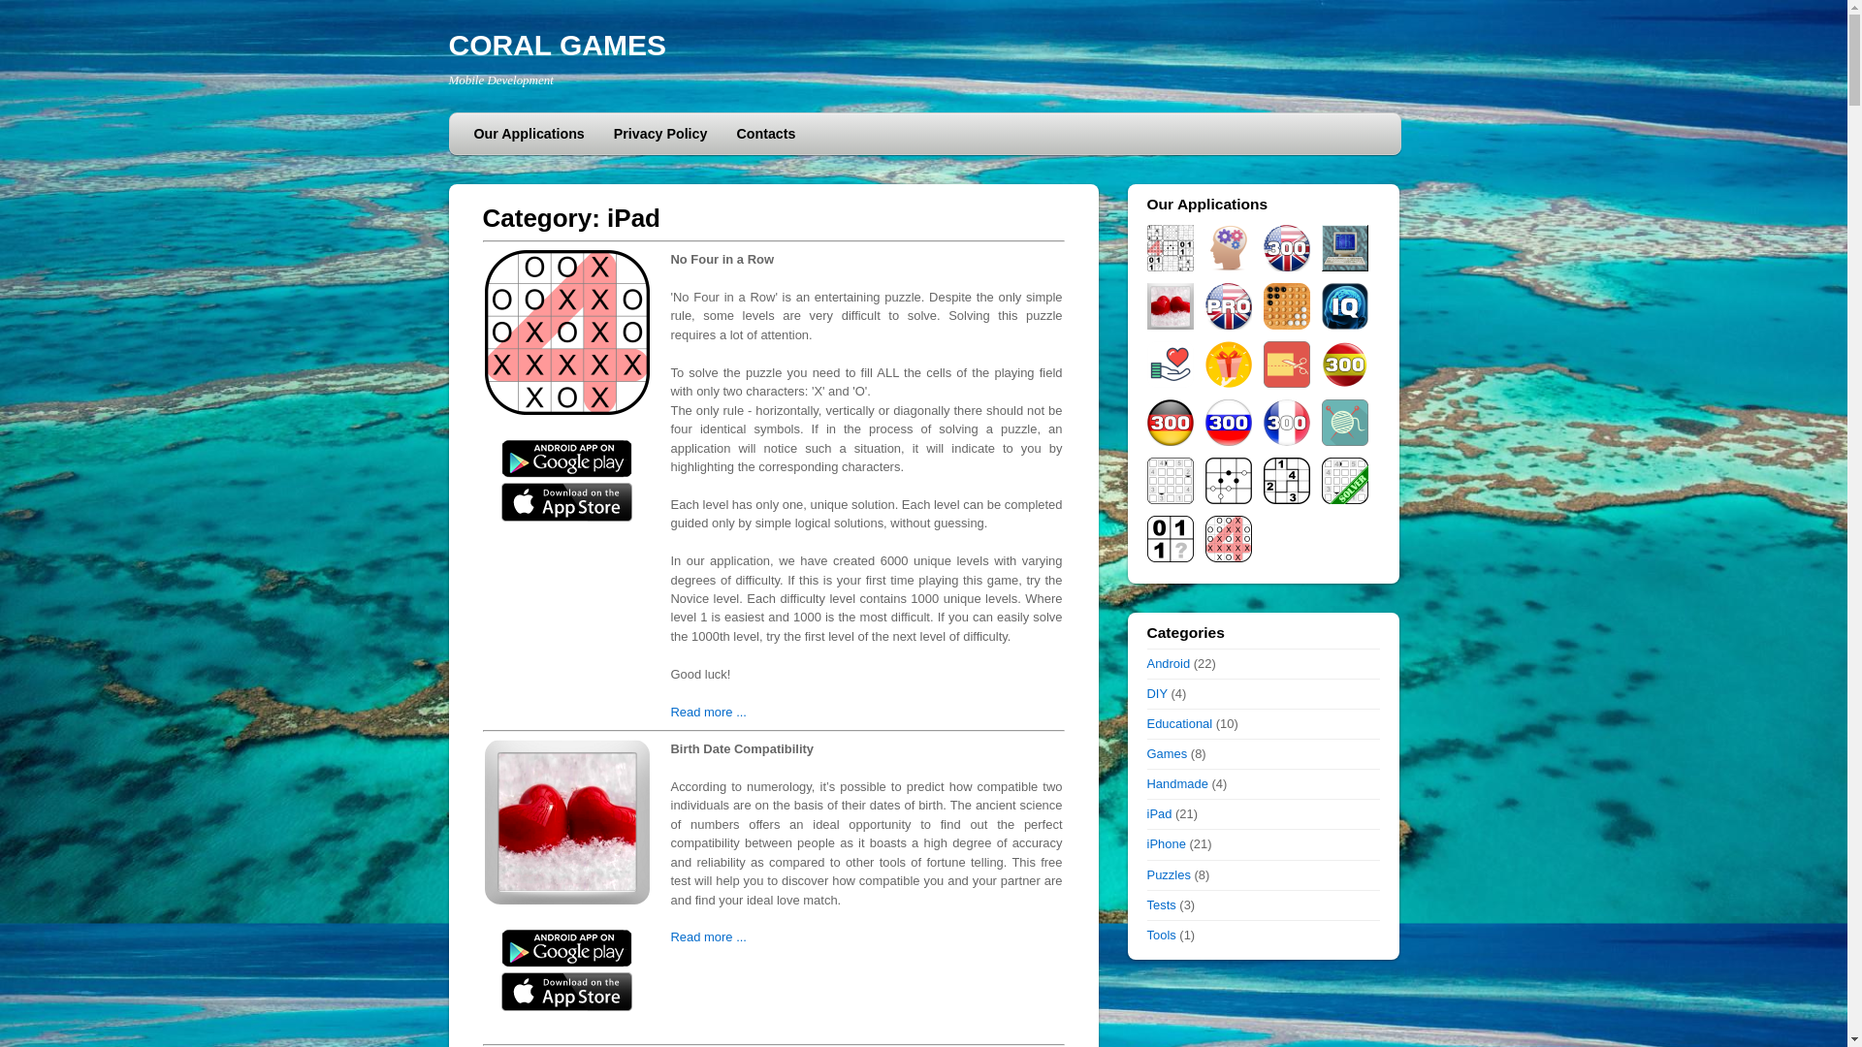  I want to click on 'Tools', so click(1160, 934).